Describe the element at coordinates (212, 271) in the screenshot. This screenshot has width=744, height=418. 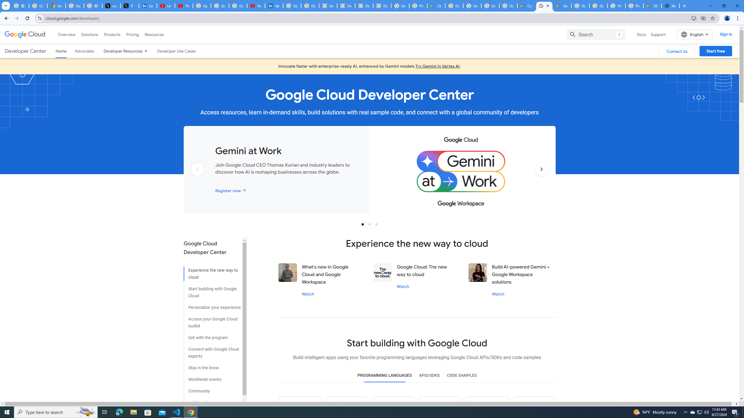
I see `'Experience the new way to cloud'` at that location.